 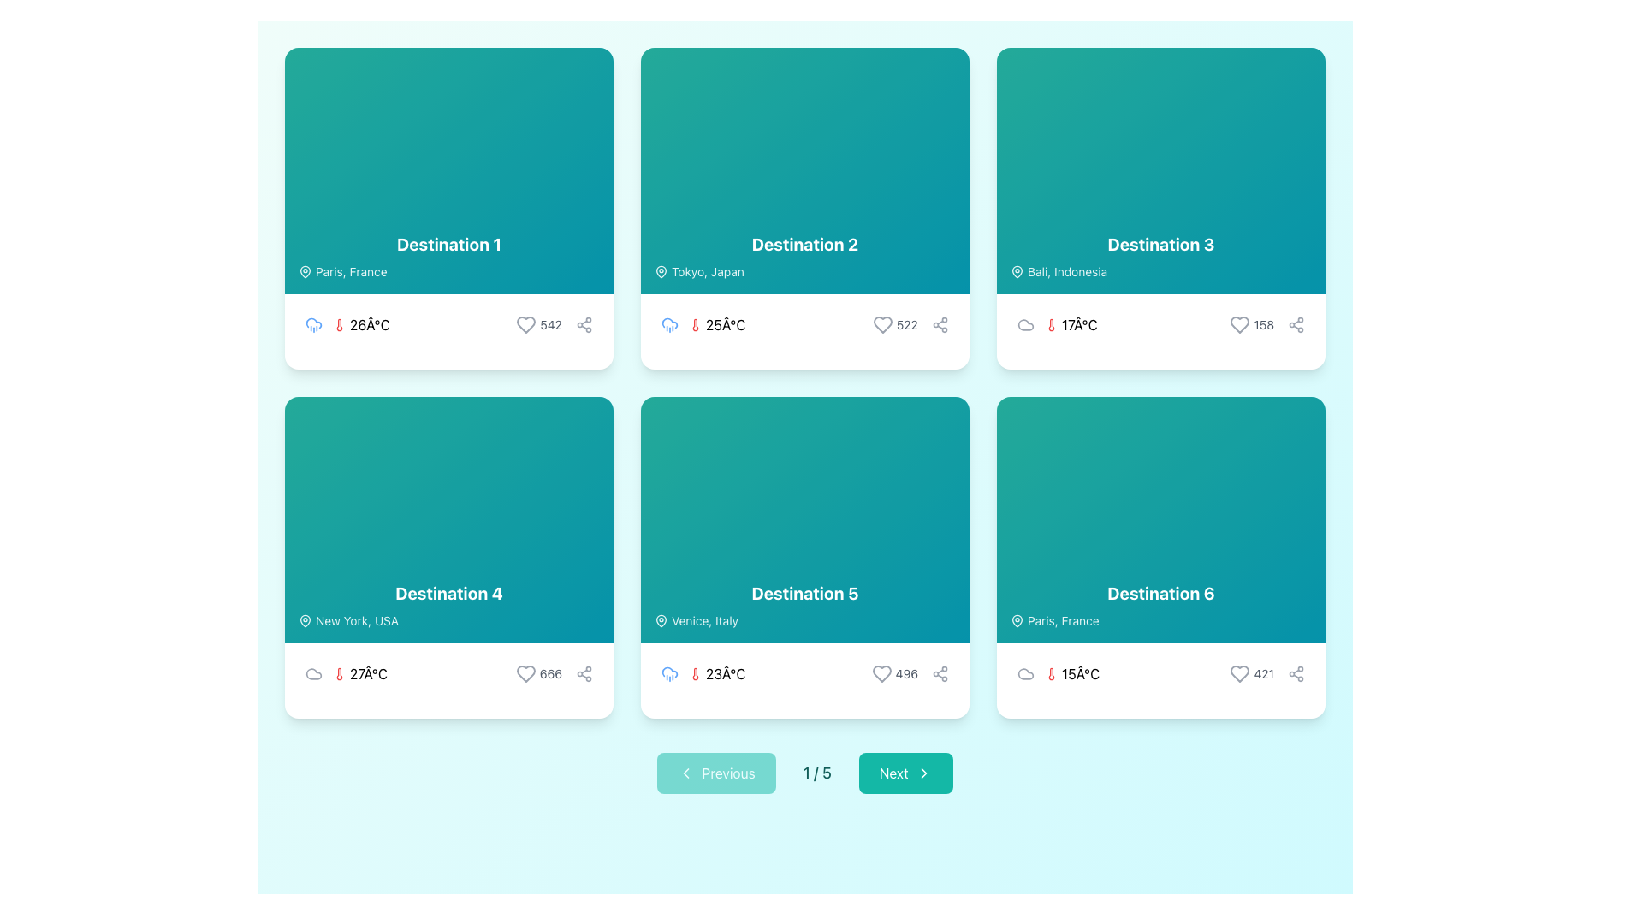 What do you see at coordinates (448, 257) in the screenshot?
I see `the informative text cluster that describes the travel destination, located at the bottom section of the first grid card in a three-by-two card layout` at bounding box center [448, 257].